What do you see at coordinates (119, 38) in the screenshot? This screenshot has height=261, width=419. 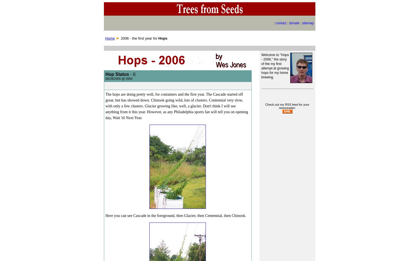 I see `'2006 
          - the first year for'` at bounding box center [119, 38].